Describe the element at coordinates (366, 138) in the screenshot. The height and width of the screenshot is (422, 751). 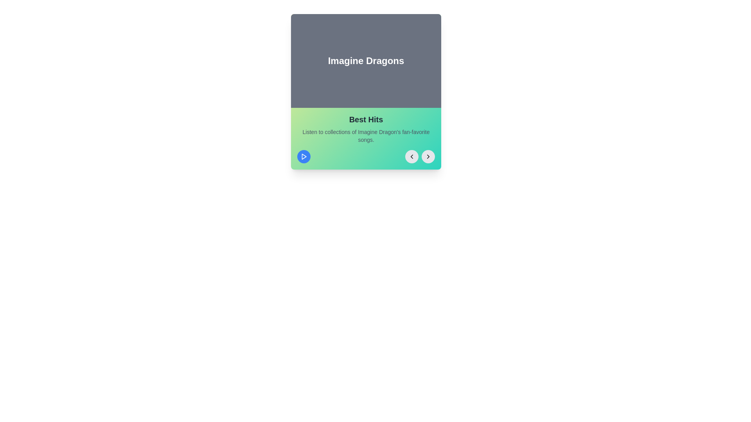
I see `the text block containing the title 'Best Hits' and the subtitle about Imagine Dragon's song collection, which is located at the bottom section of the card layout and has a gradient background` at that location.